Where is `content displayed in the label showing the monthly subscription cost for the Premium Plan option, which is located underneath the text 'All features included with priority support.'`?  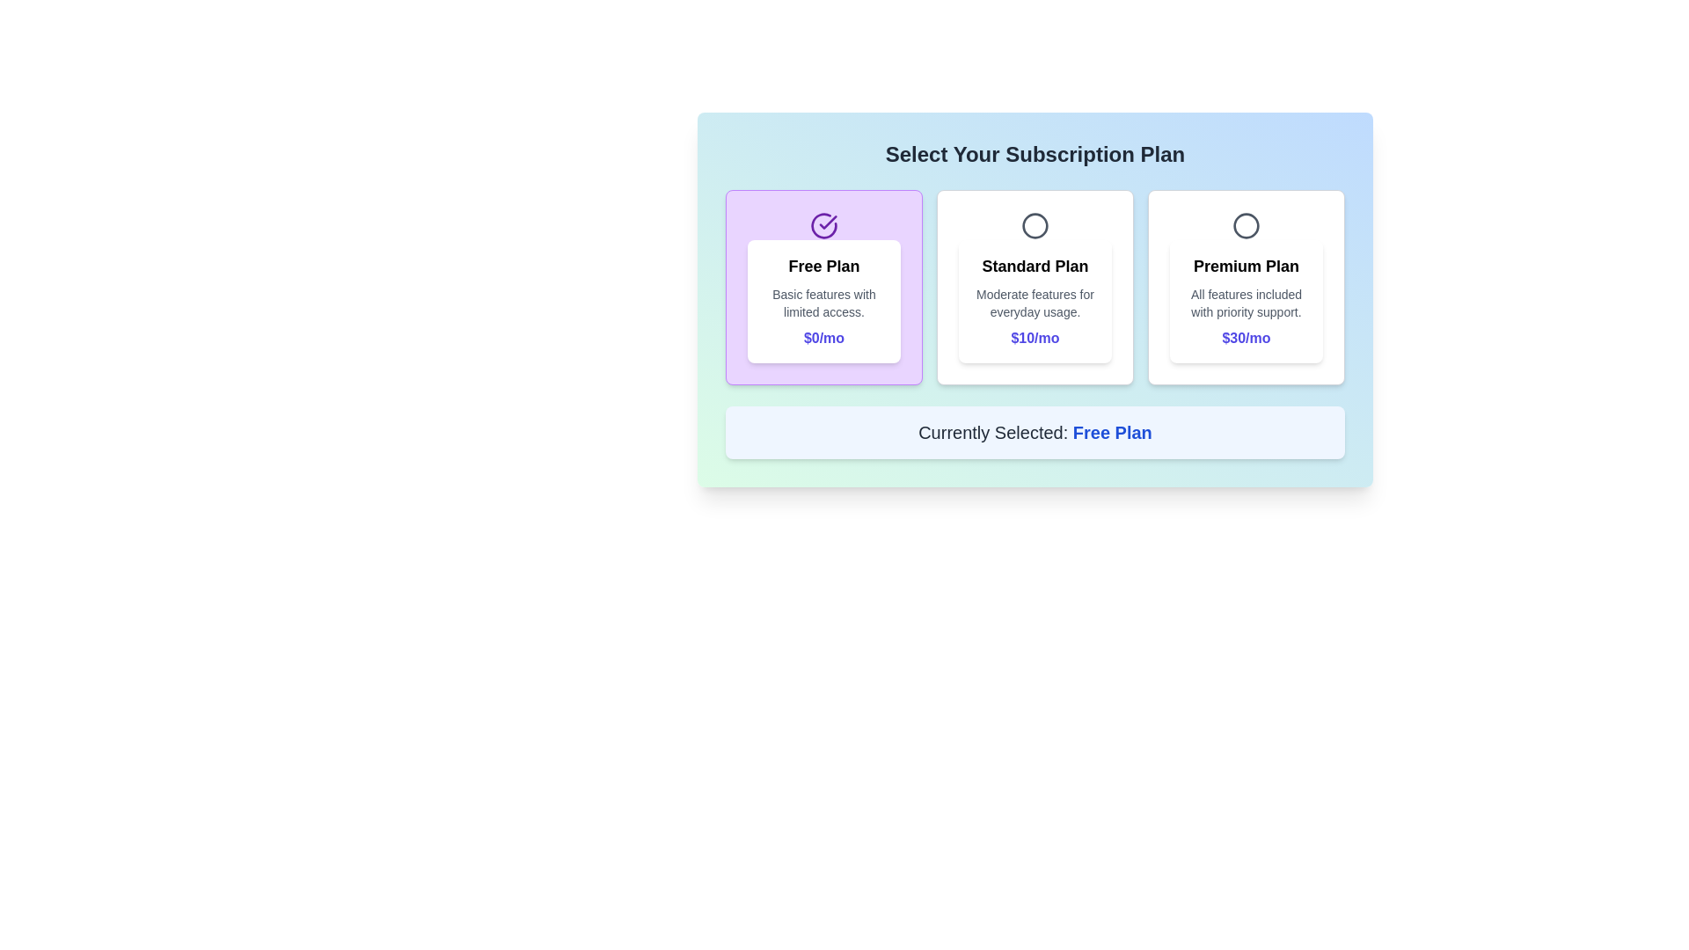
content displayed in the label showing the monthly subscription cost for the Premium Plan option, which is located underneath the text 'All features included with priority support.' is located at coordinates (1245, 339).